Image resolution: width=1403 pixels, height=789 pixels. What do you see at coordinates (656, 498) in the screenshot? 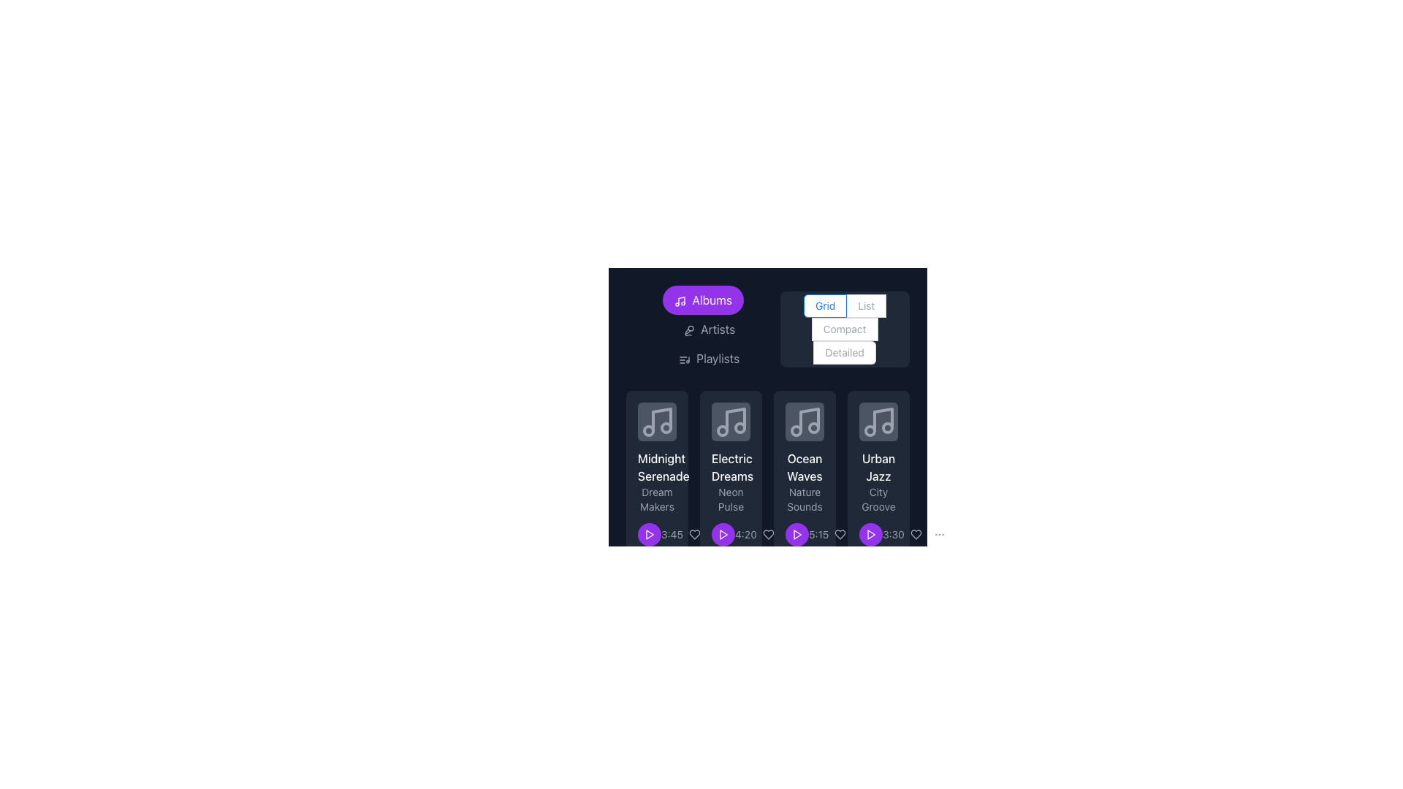
I see `the static text label reading 'Dream Makers' located at the bottom of the leftmost card in a 4-card grid, which is styled with a dark background and smaller gray font` at bounding box center [656, 498].